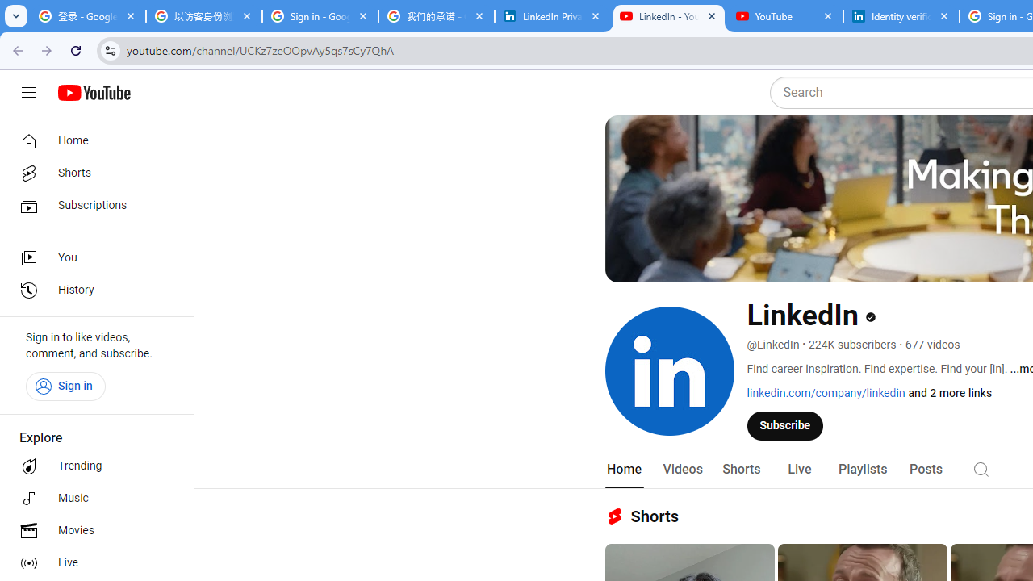  Describe the element at coordinates (682, 469) in the screenshot. I see `'Videos'` at that location.